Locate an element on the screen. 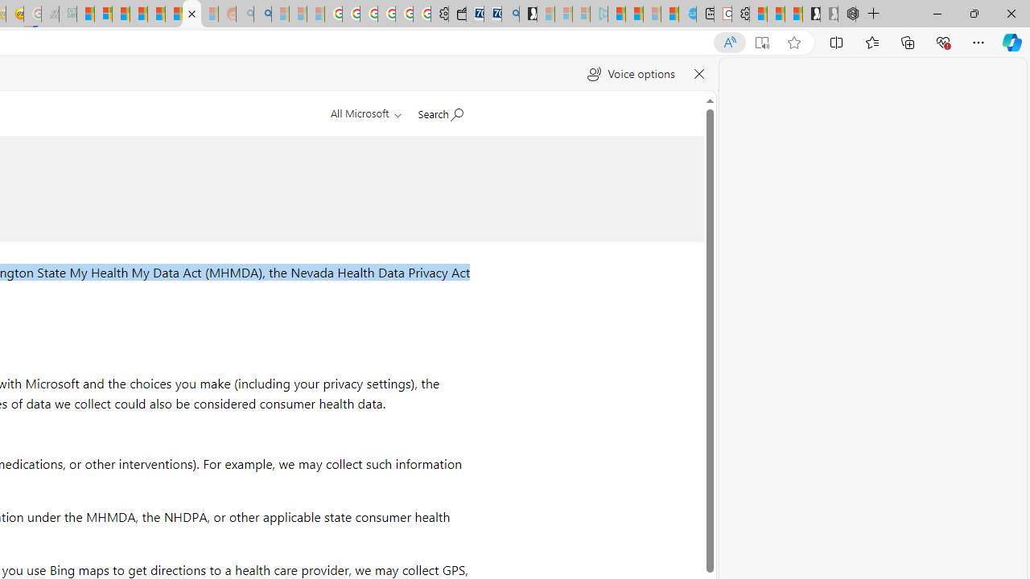 Image resolution: width=1030 pixels, height=579 pixels. 'Microsoft Start Gaming' is located at coordinates (528, 14).